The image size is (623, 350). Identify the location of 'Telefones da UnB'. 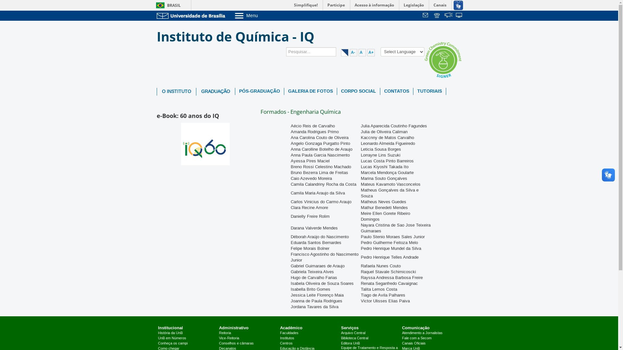
(437, 16).